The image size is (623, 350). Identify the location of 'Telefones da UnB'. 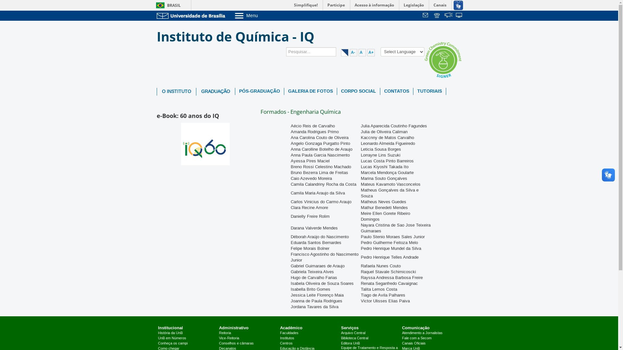
(437, 16).